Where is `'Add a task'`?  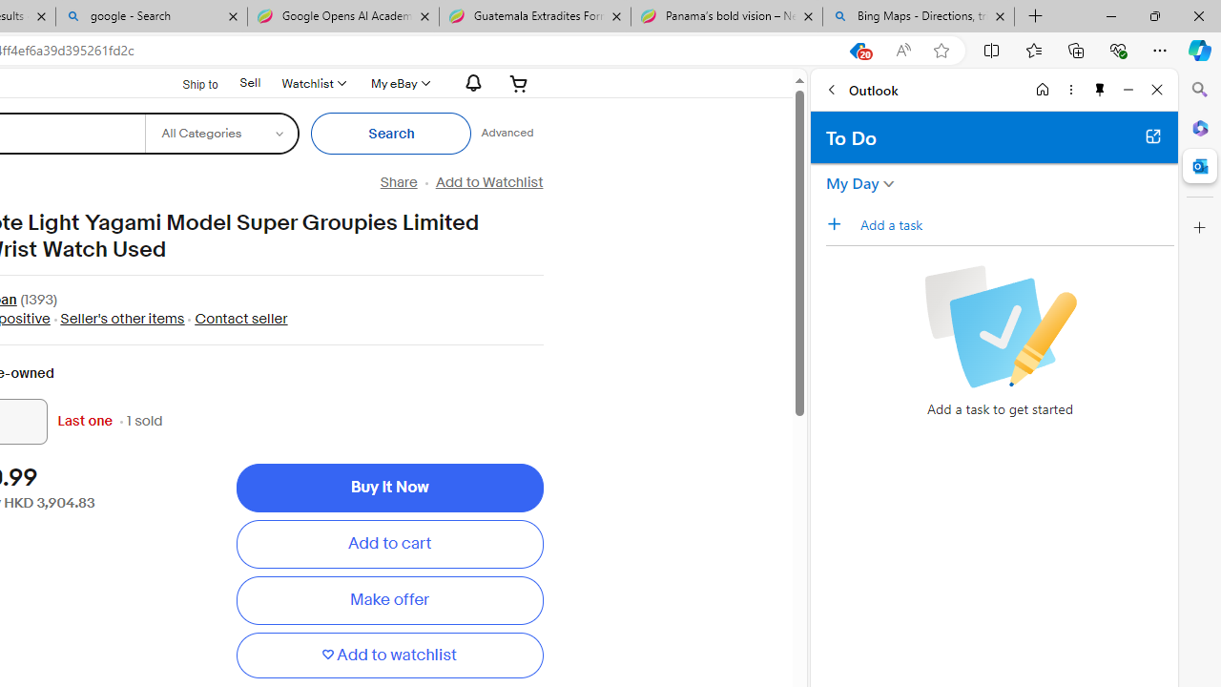 'Add a task' is located at coordinates (1015, 223).